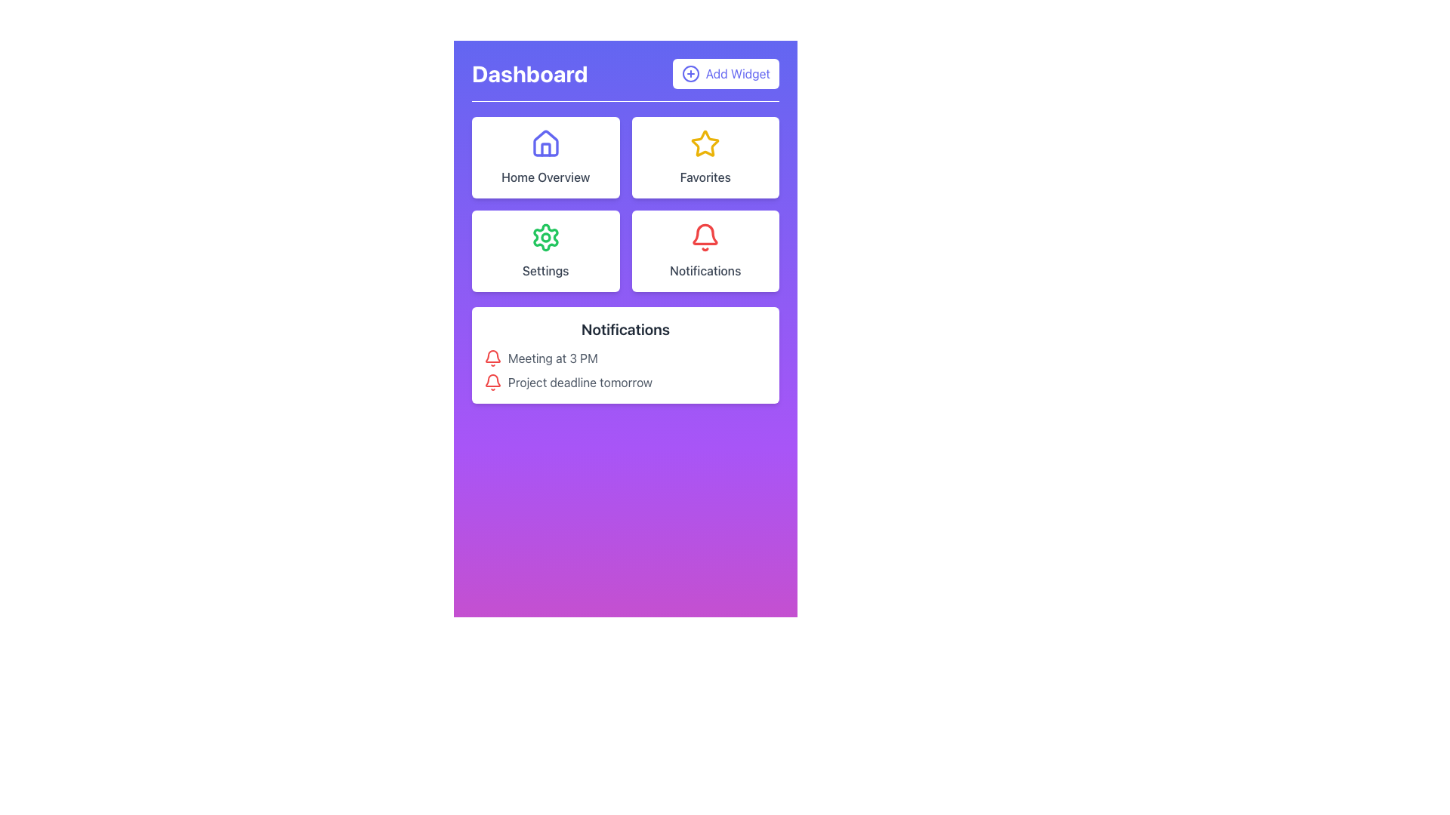  Describe the element at coordinates (625, 328) in the screenshot. I see `the section header text label that indicates the start of the notifications area, located at the top-center of the white card on the main interface` at that location.